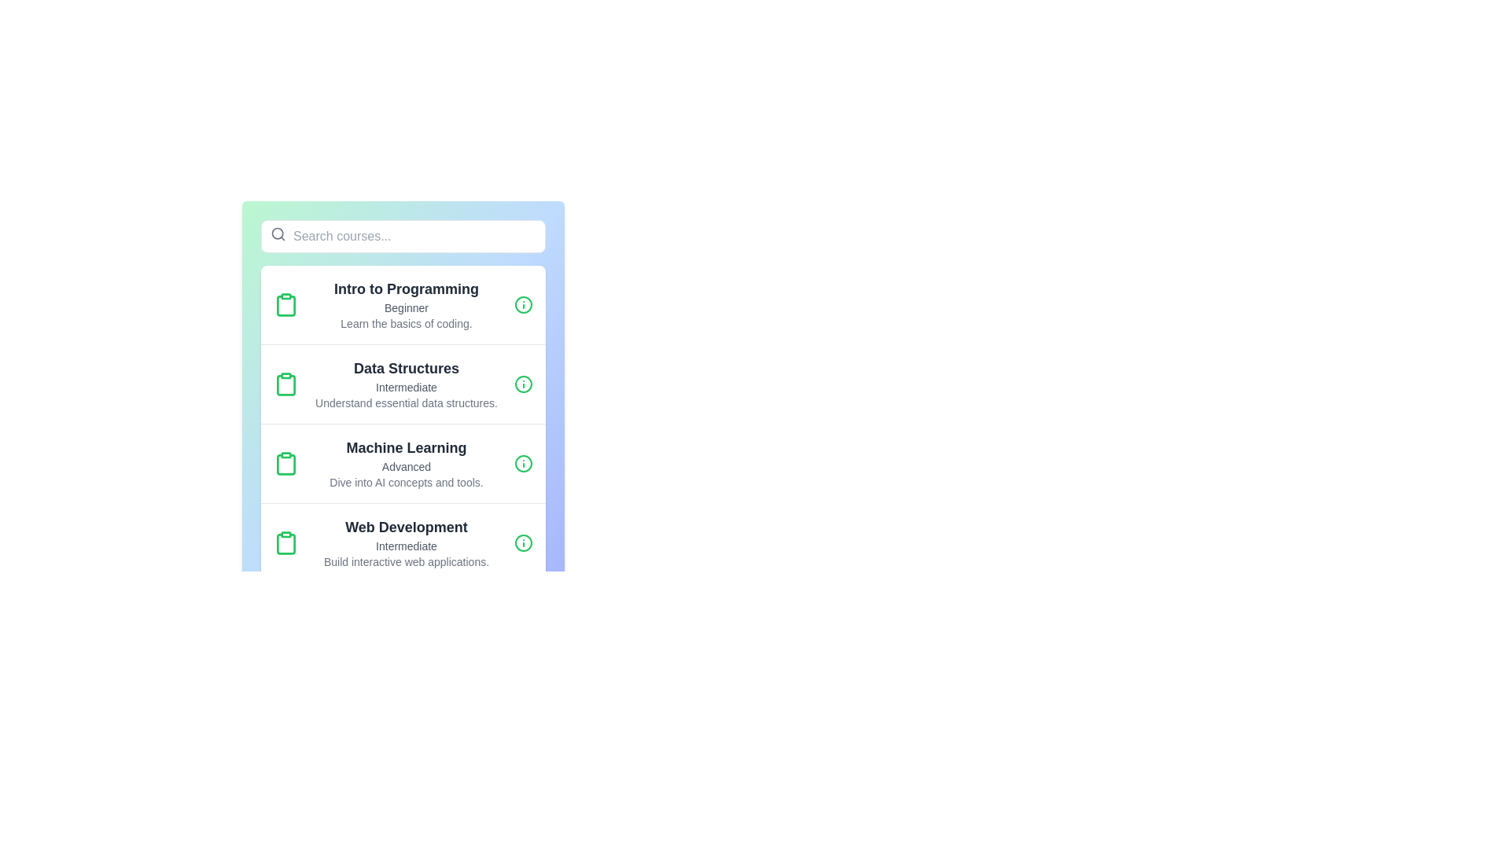 The image size is (1510, 849). Describe the element at coordinates (286, 305) in the screenshot. I see `the graphic icon resembling a clipboard with a green border and a white fill, located in the top-left corner of the list item for 'Intro to Programming'` at that location.